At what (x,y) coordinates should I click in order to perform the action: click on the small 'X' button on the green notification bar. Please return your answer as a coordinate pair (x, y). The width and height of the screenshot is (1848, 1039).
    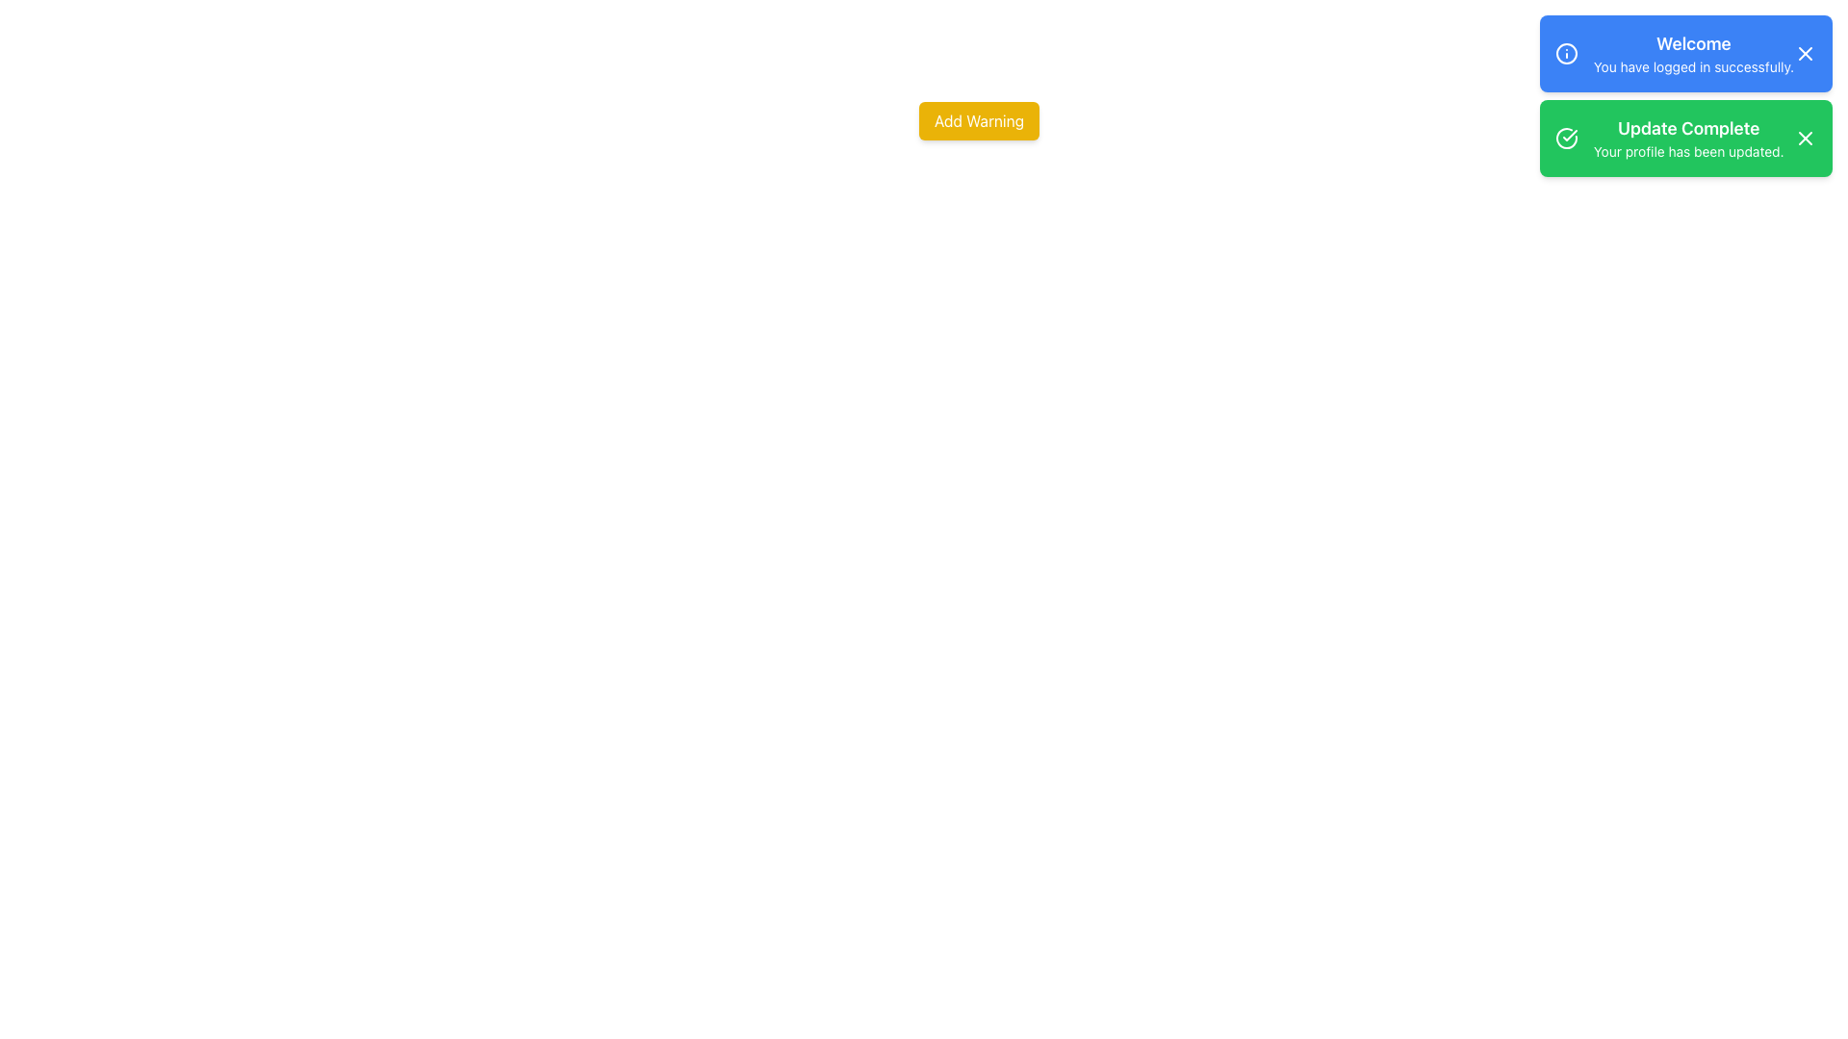
    Looking at the image, I should click on (1805, 137).